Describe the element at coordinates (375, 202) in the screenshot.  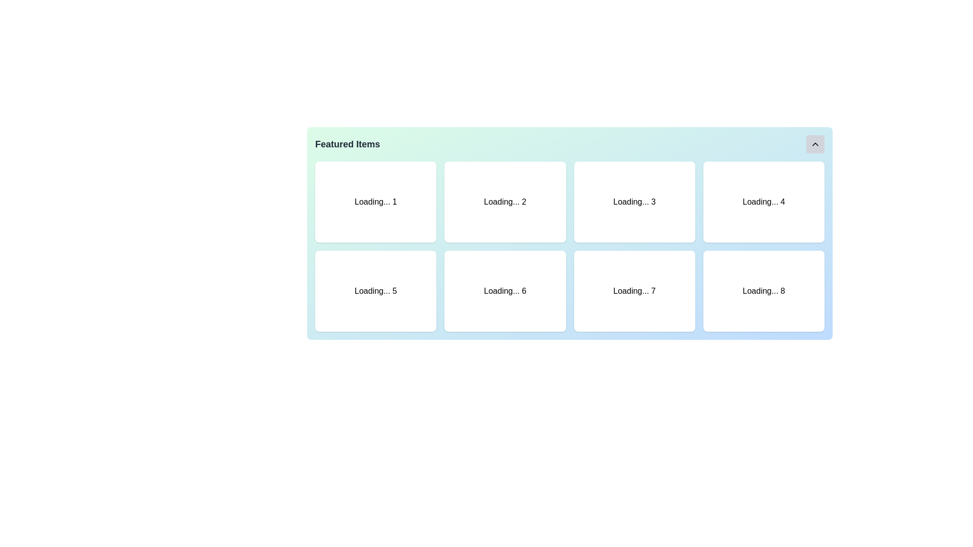
I see `the white rectangular loading box with rounded corners that contains the text 'Loading... 1', located in the first row and first column of the grid layout` at that location.